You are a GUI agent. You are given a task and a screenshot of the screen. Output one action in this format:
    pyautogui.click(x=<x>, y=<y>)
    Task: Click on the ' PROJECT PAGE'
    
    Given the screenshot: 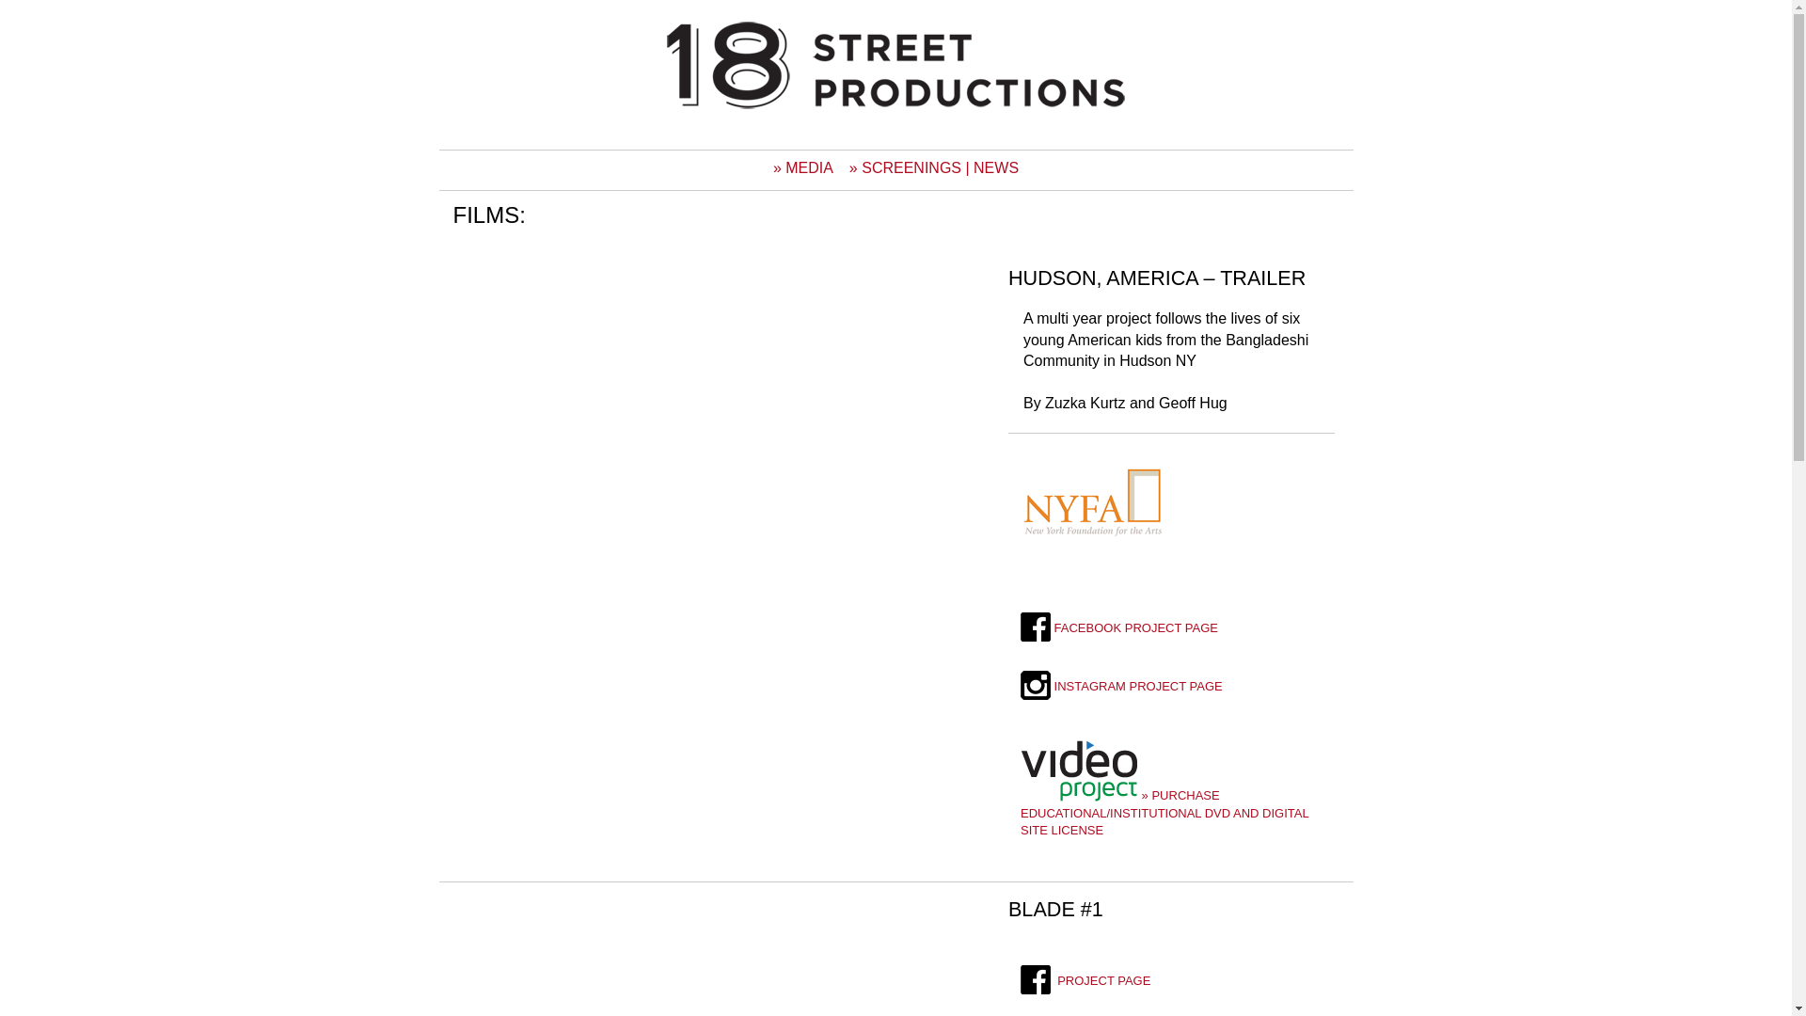 What is the action you would take?
    pyautogui.click(x=1019, y=979)
    